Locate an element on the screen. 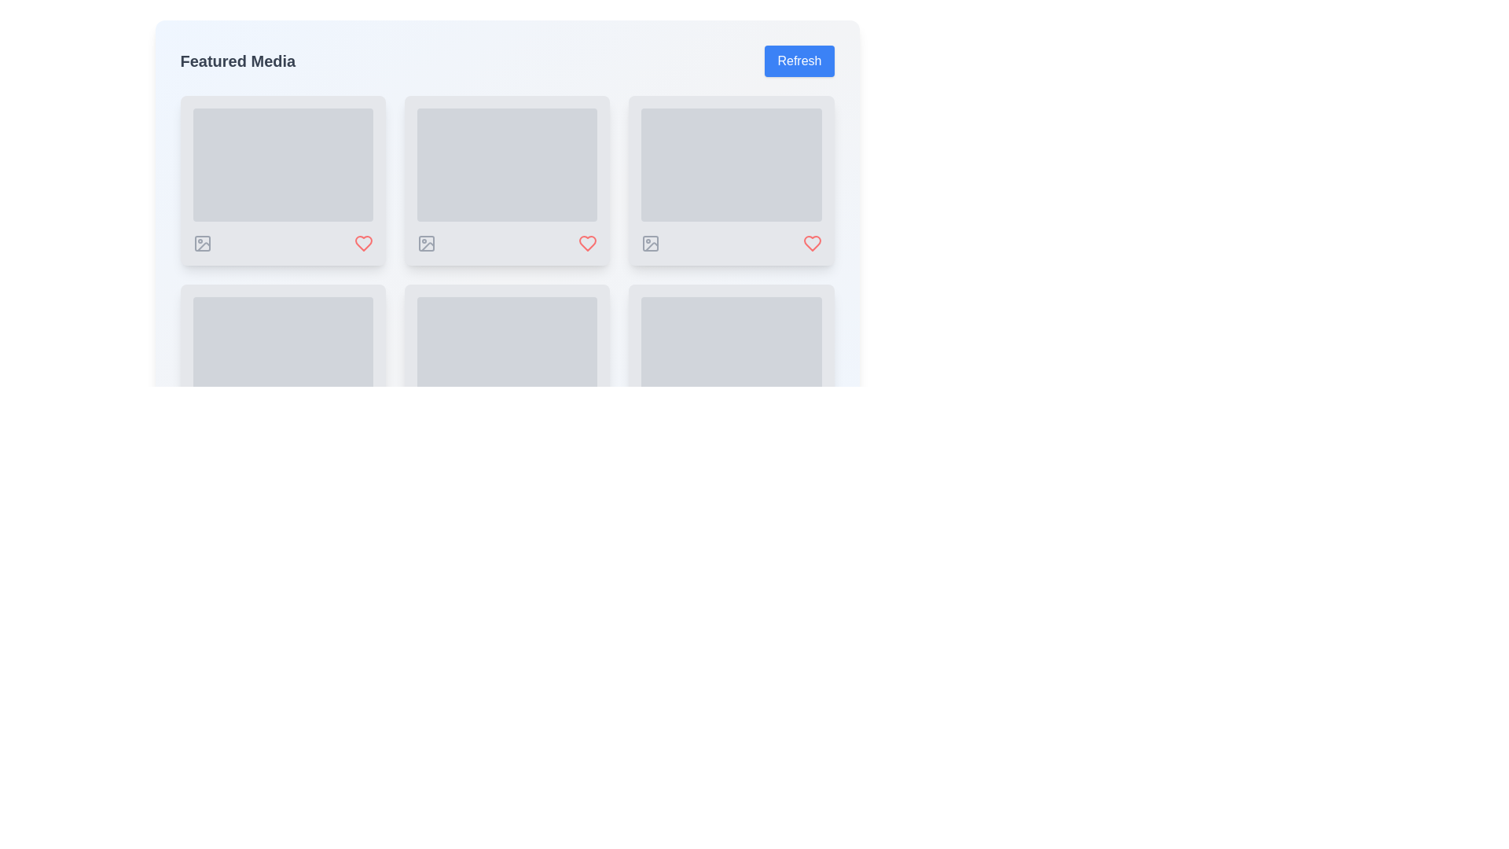 The image size is (1509, 849). the rectangular SVG shape with rounded edges located in the upper-left image placeholder under the 'Featured Media' heading is located at coordinates (201, 243).